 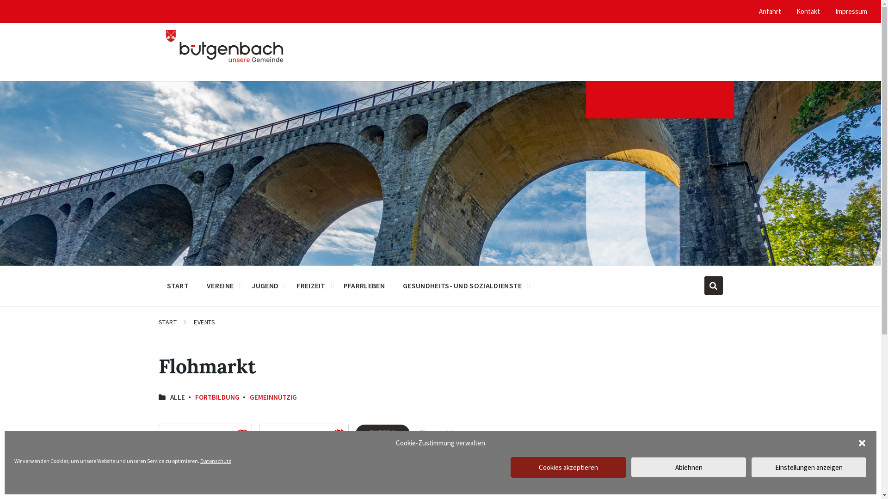 What do you see at coordinates (808, 467) in the screenshot?
I see `'Einstellungen anzeigen'` at bounding box center [808, 467].